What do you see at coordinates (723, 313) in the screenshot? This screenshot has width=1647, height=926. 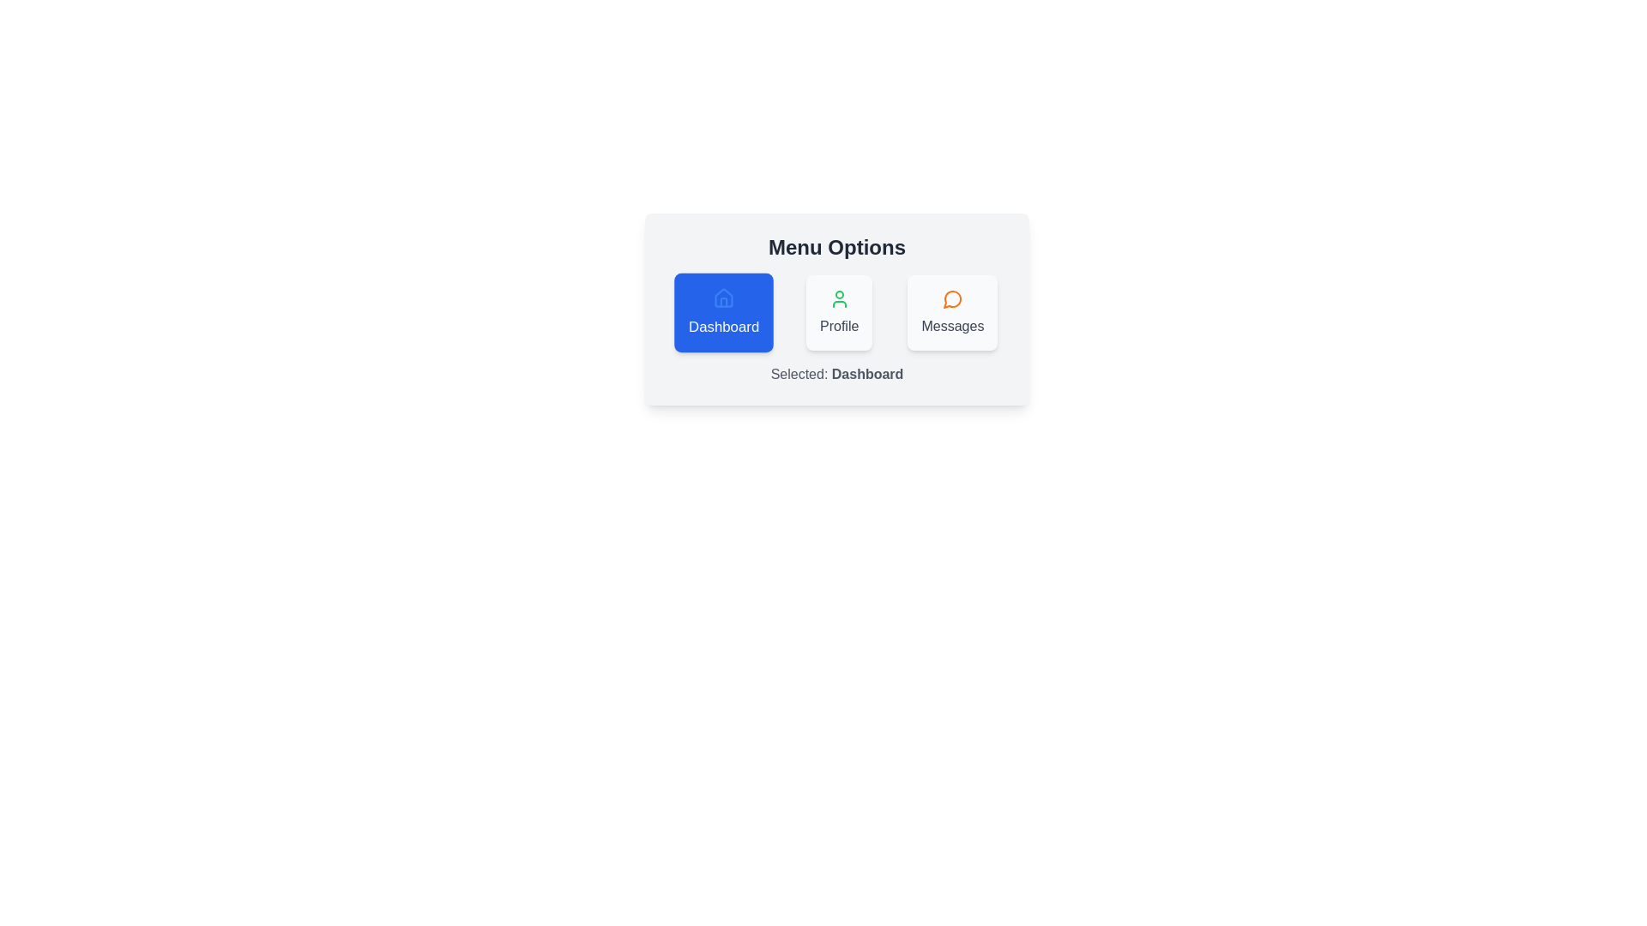 I see `the chip labeled Dashboard to change the selection` at bounding box center [723, 313].